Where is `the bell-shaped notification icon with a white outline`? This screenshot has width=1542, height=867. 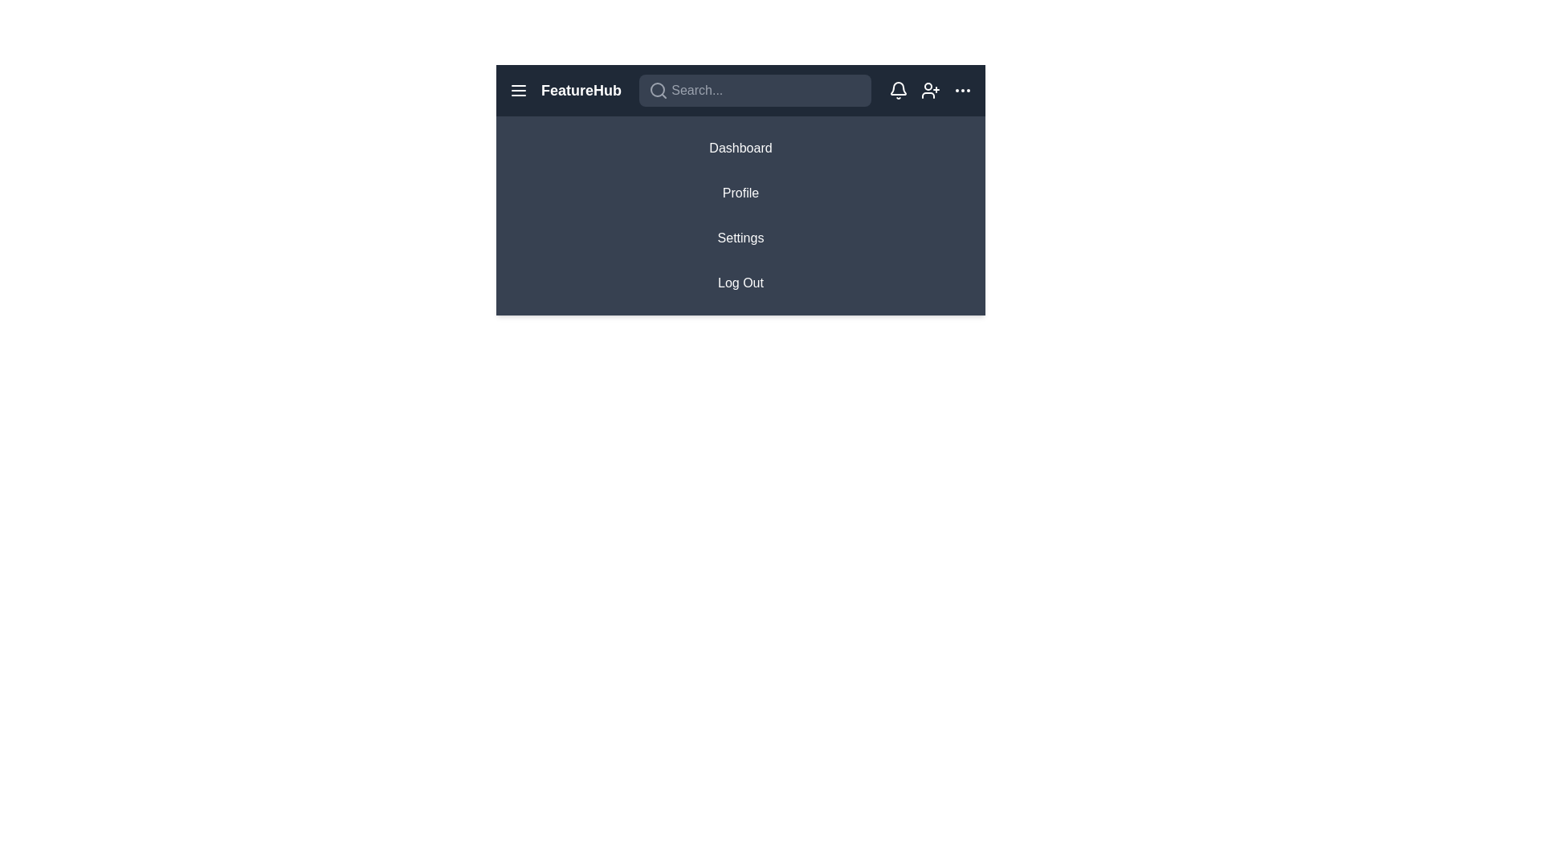
the bell-shaped notification icon with a white outline is located at coordinates (897, 90).